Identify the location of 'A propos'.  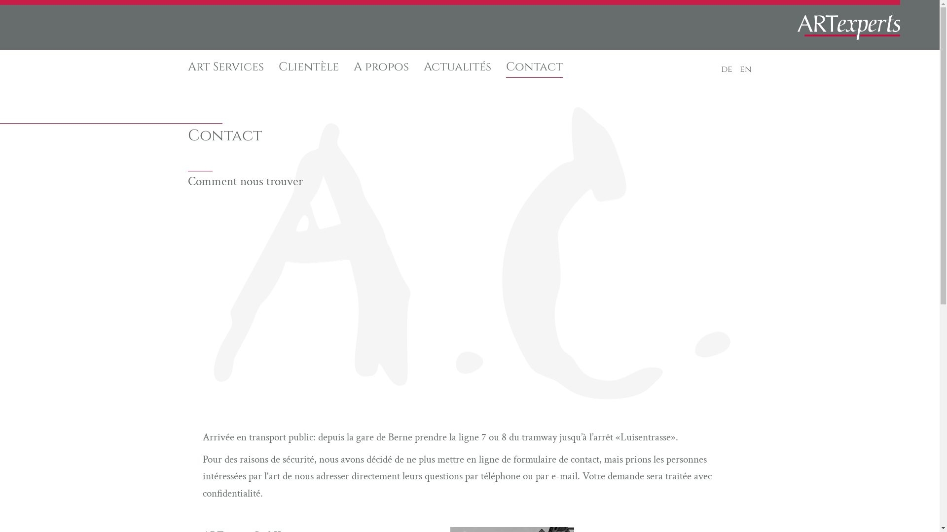
(380, 66).